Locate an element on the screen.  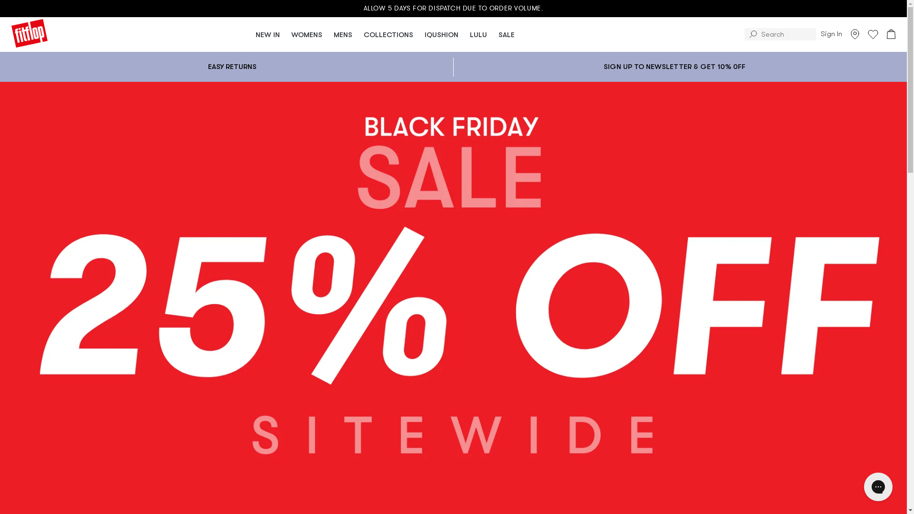
'NEW IN' is located at coordinates (249, 33).